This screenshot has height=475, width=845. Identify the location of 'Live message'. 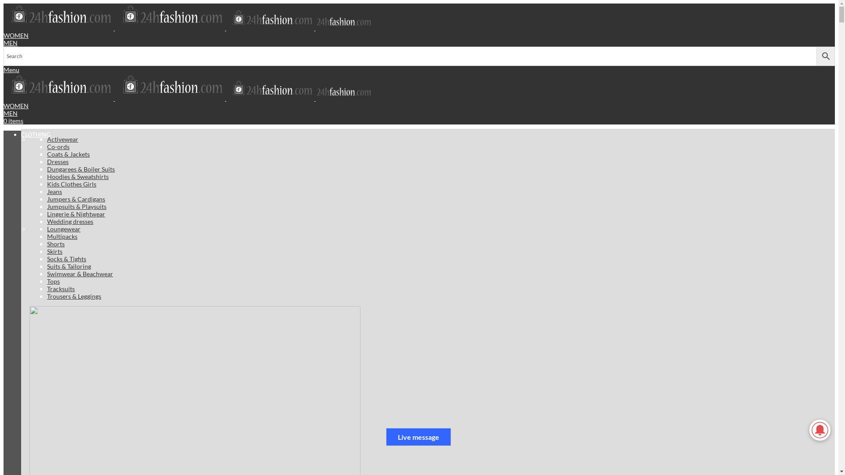
(418, 437).